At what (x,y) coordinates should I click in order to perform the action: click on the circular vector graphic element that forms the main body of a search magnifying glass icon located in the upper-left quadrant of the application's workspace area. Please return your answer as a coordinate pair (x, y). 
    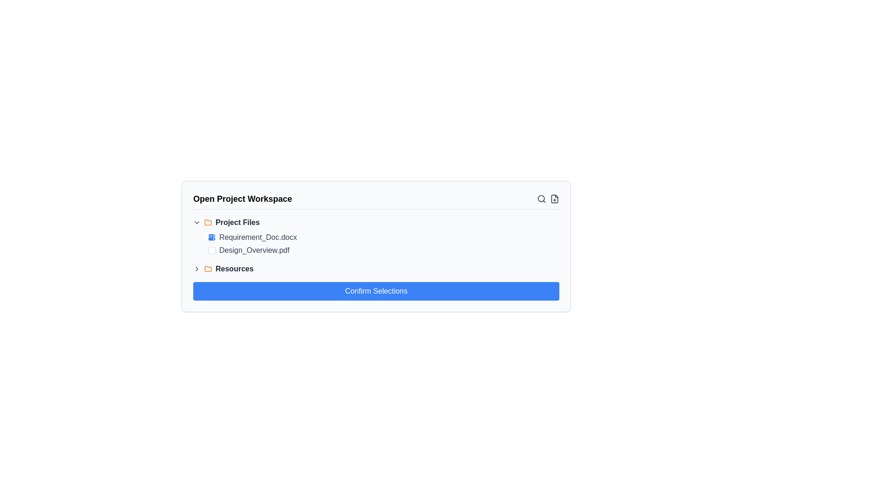
    Looking at the image, I should click on (541, 198).